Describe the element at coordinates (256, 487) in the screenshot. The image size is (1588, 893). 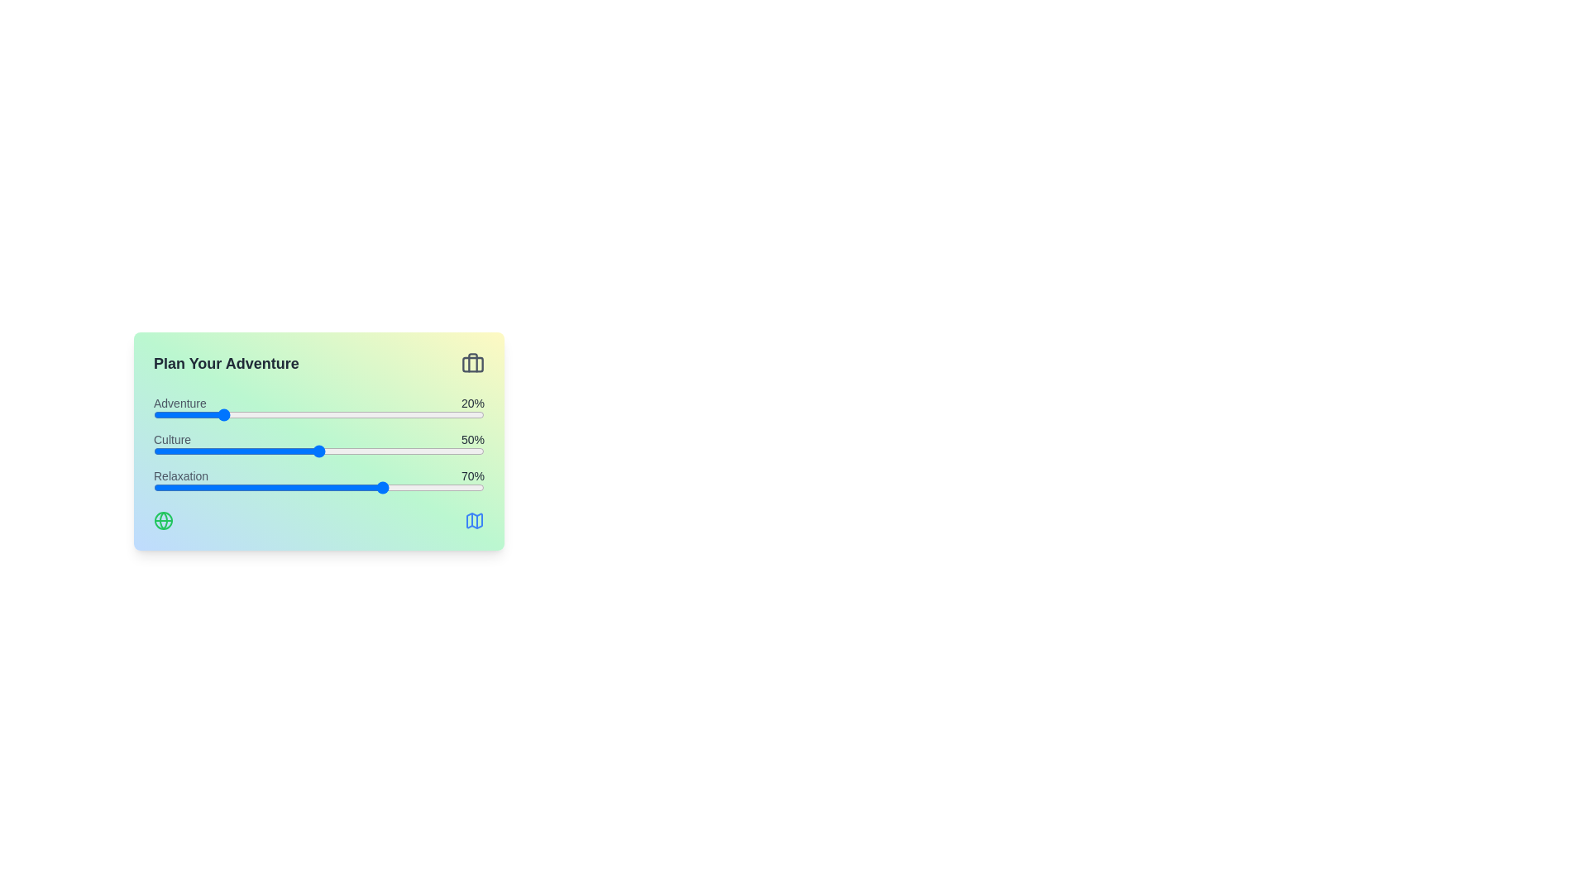
I see `the 'Relaxation' slider to 31%` at that location.